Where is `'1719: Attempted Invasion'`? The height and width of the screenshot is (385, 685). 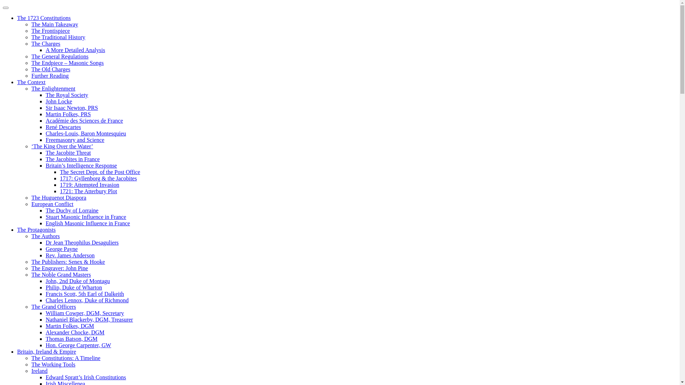
'1719: Attempted Invasion' is located at coordinates (89, 184).